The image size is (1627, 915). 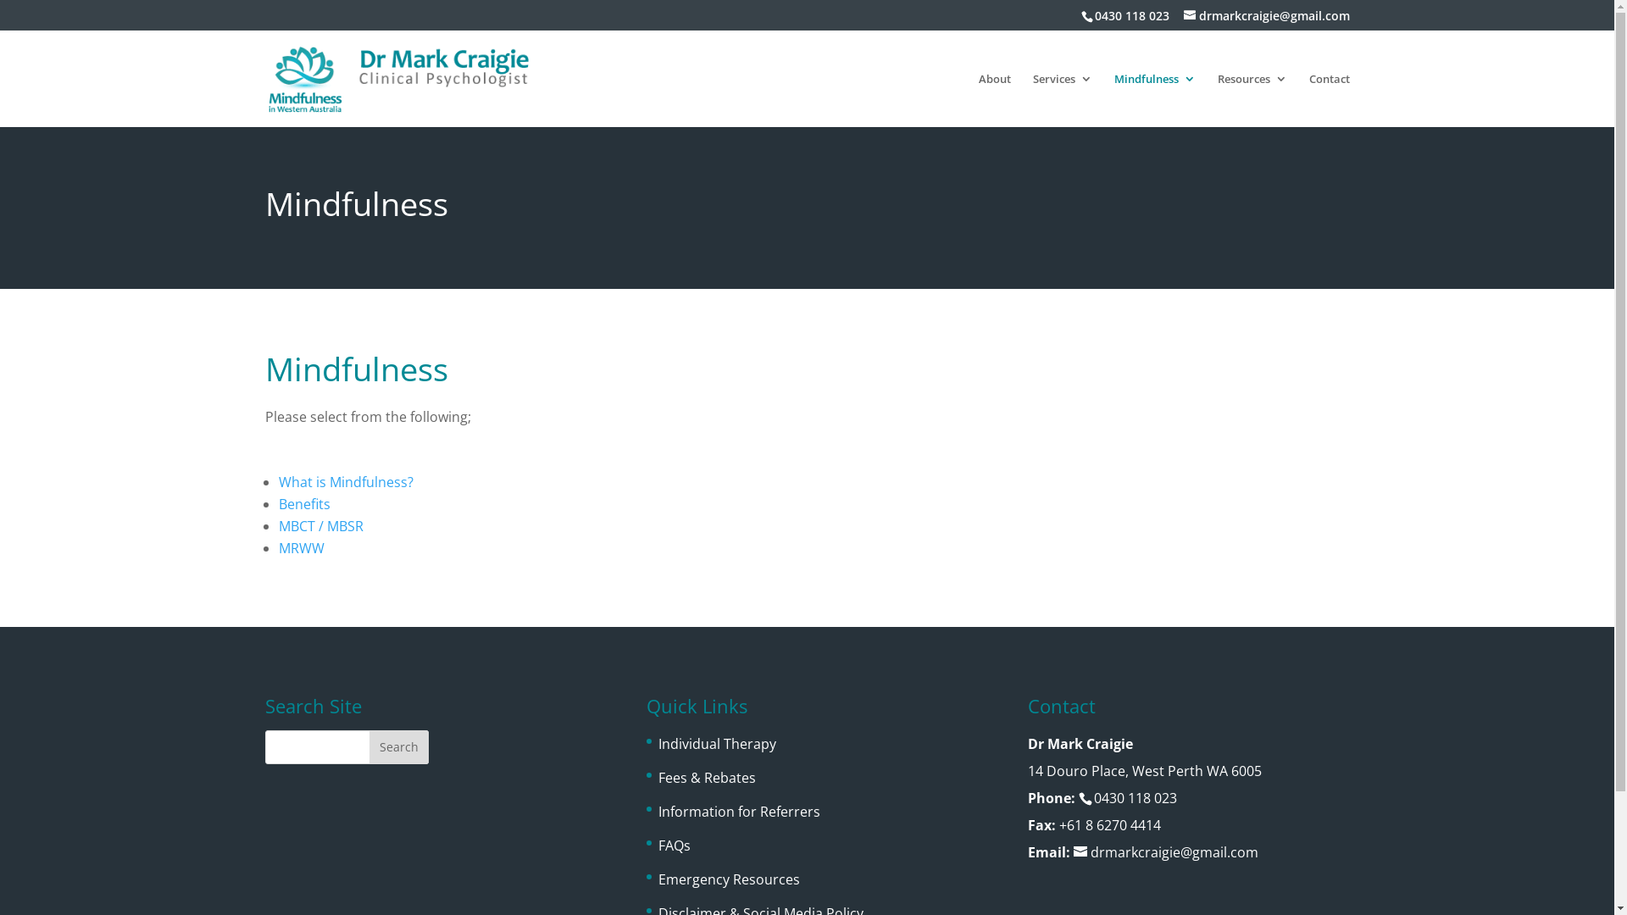 I want to click on 'Benefits', so click(x=303, y=502).